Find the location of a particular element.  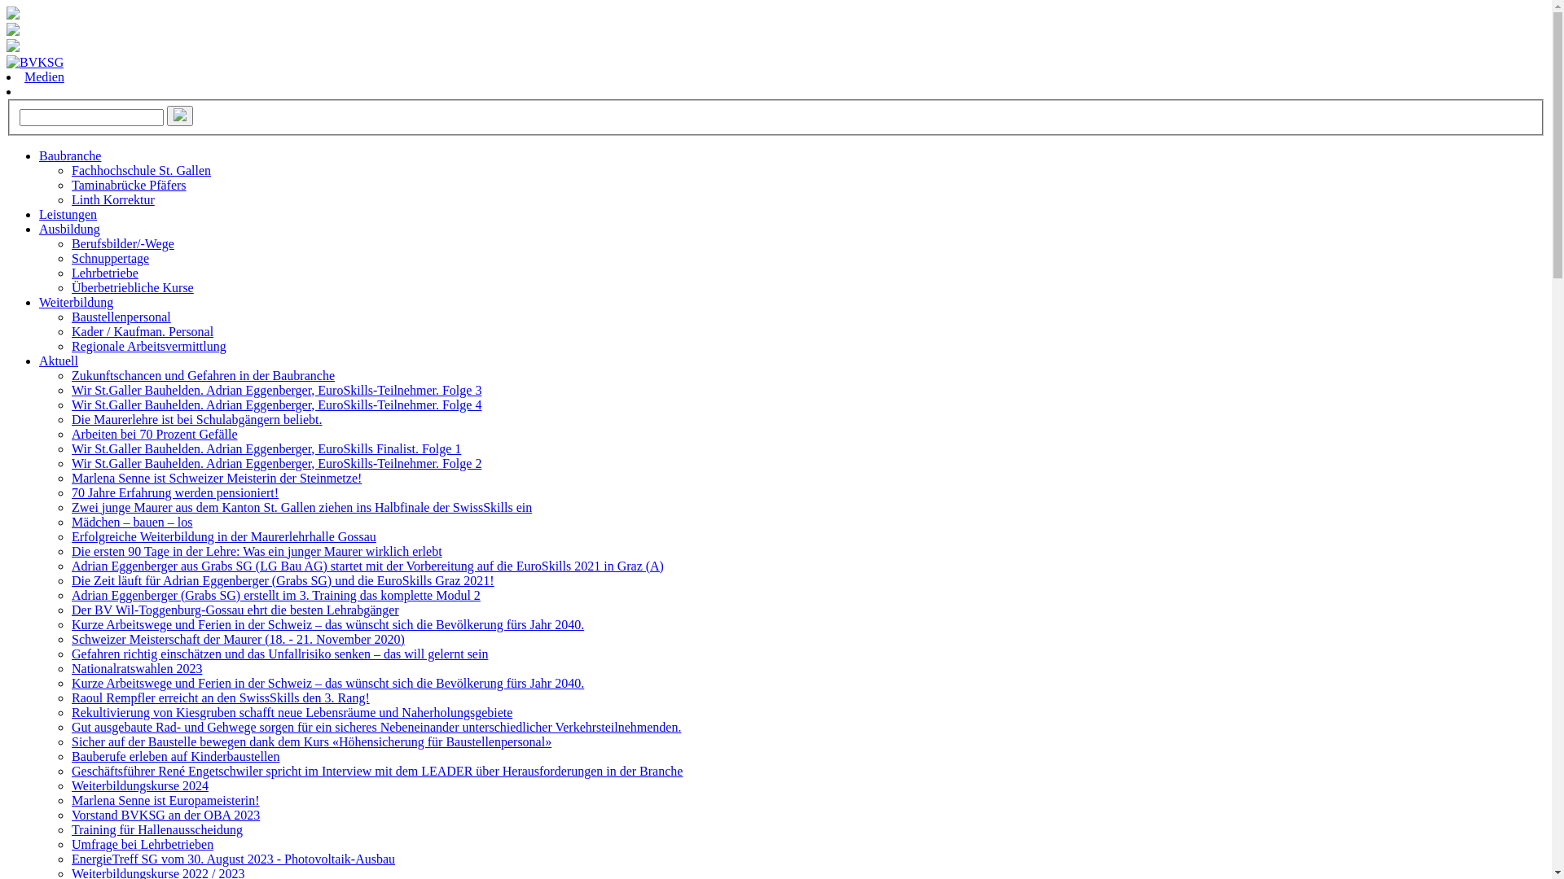

'Lehrbetriebe' is located at coordinates (70, 272).